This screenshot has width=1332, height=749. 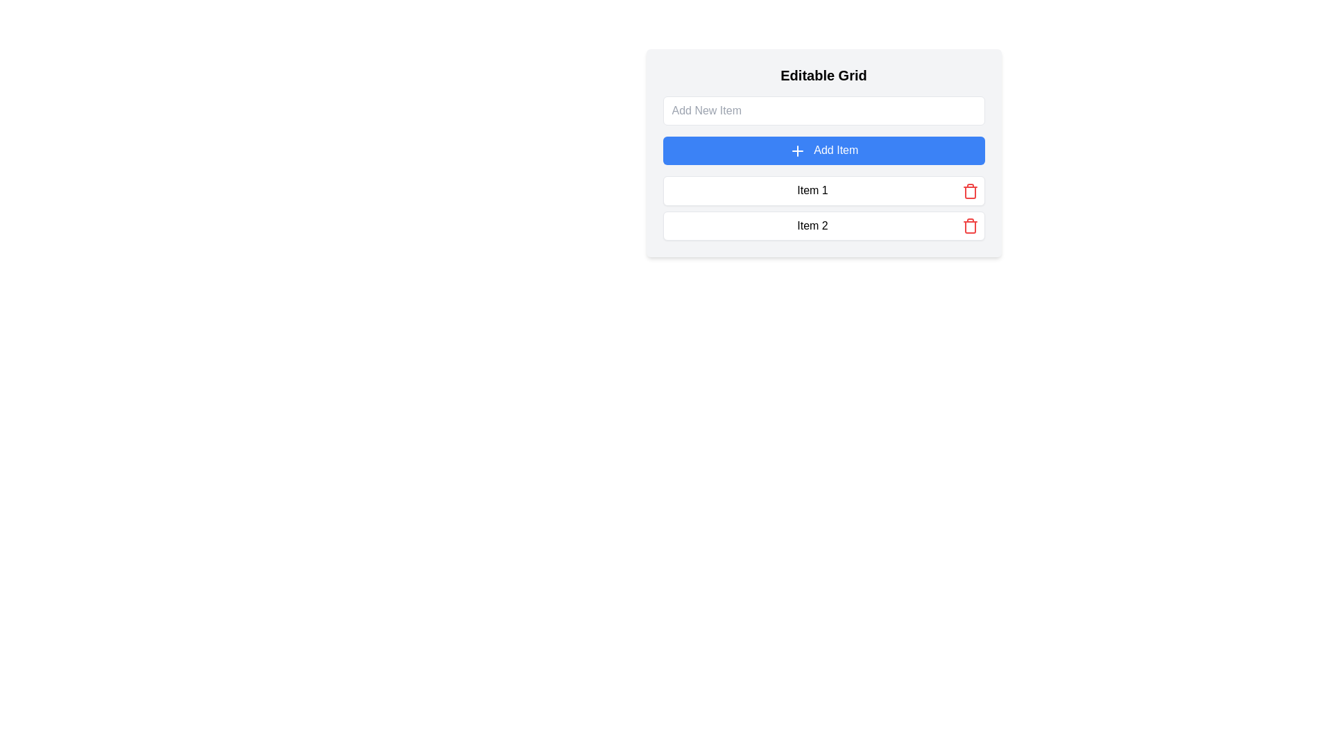 What do you see at coordinates (823, 150) in the screenshot?
I see `the rectangular button with a blue background and white text labeled 'Add Item'` at bounding box center [823, 150].